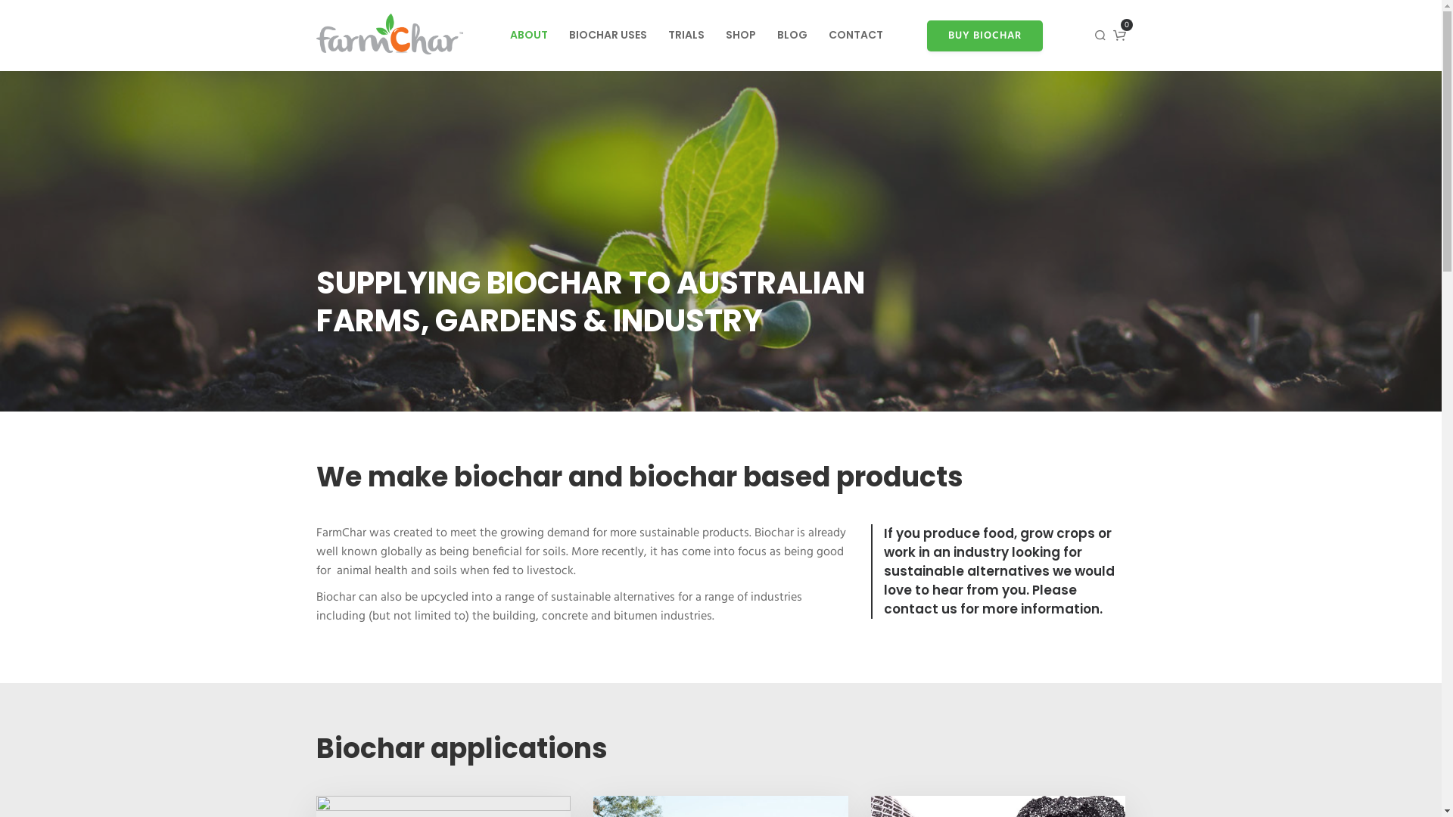 Image resolution: width=1453 pixels, height=817 pixels. I want to click on 'SHOP', so click(740, 34).